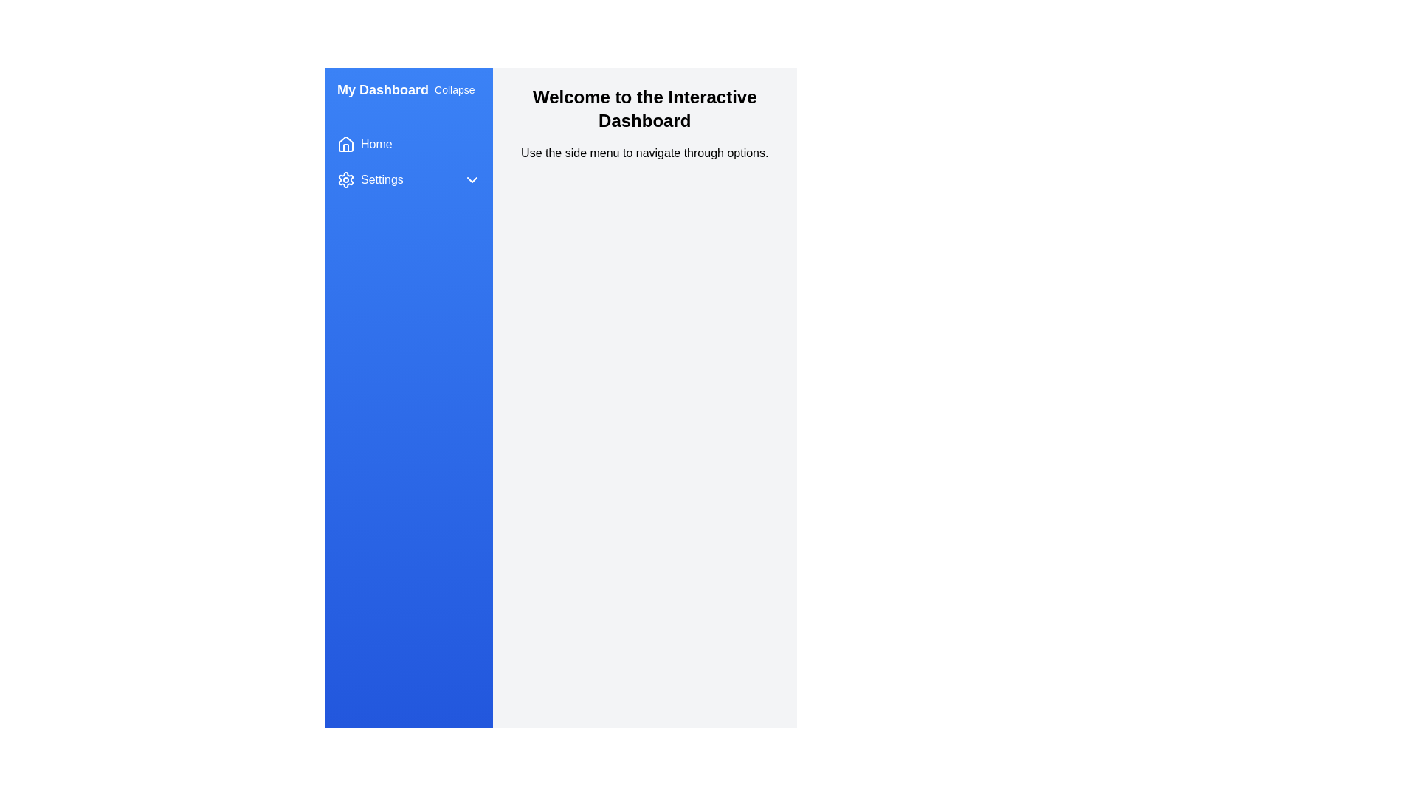 The image size is (1417, 797). I want to click on the Text label in the top left corner of the left sidebar that indicates the current dashboard section, so click(382, 90).